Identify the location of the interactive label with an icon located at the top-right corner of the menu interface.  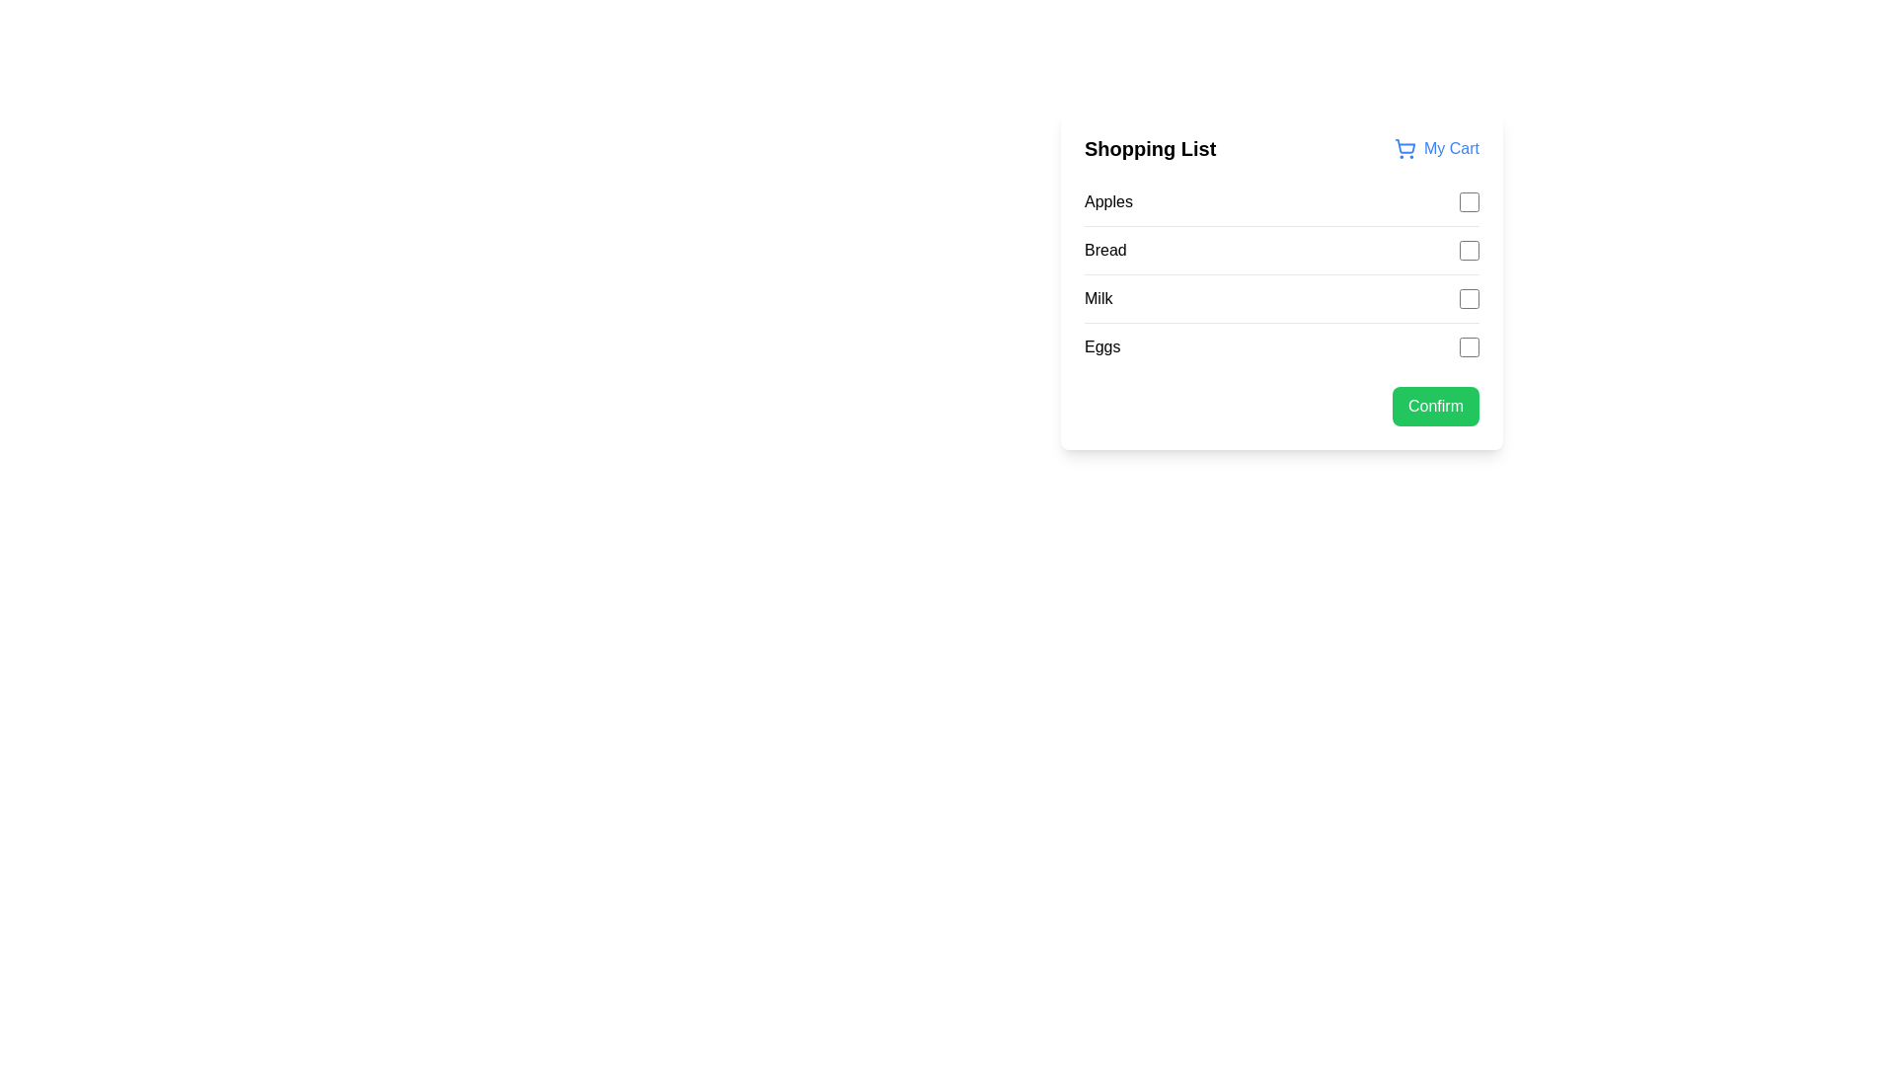
(1436, 147).